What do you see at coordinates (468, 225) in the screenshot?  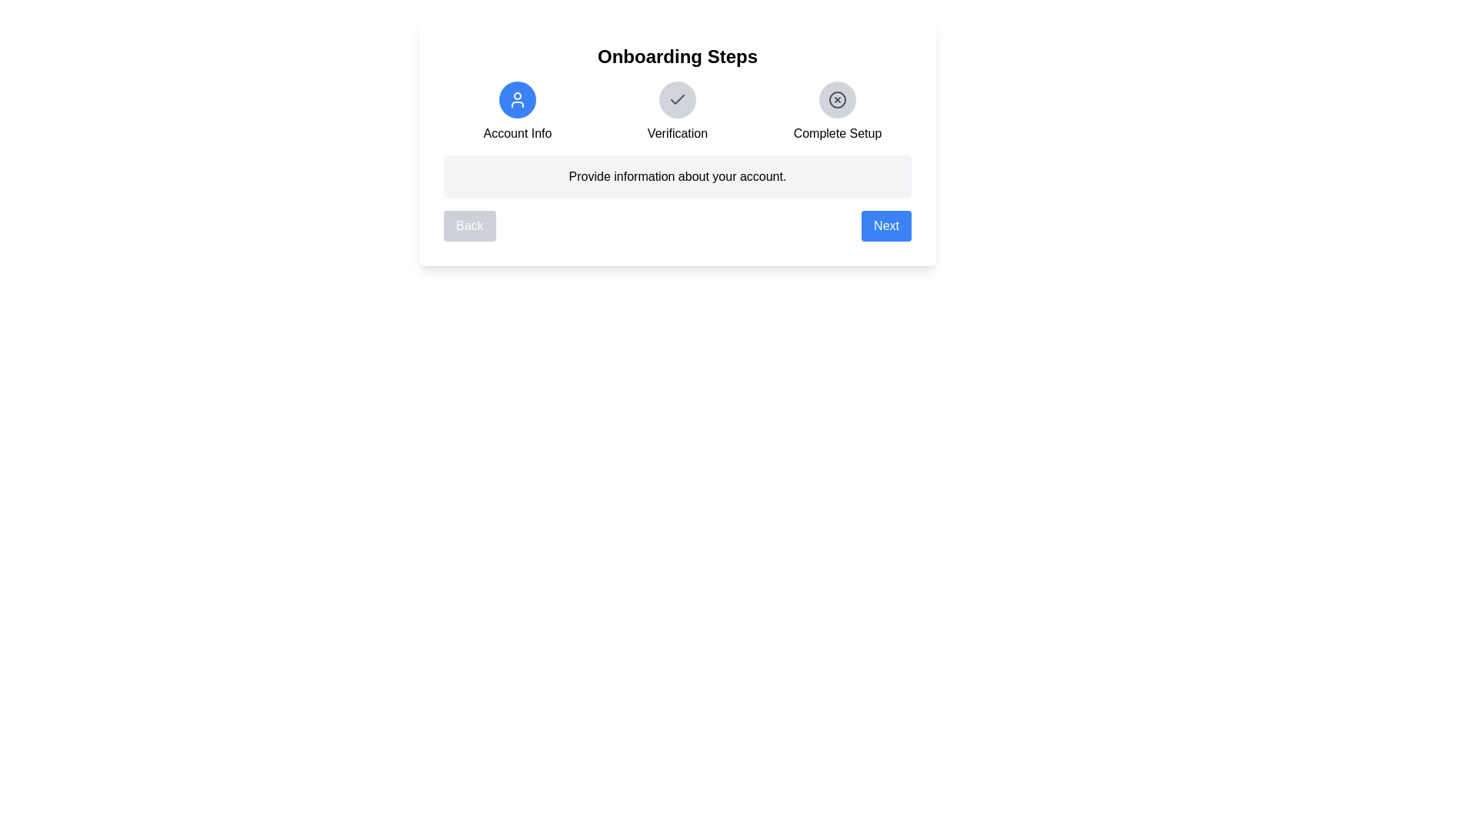 I see `the button Back to observe its hover effect` at bounding box center [468, 225].